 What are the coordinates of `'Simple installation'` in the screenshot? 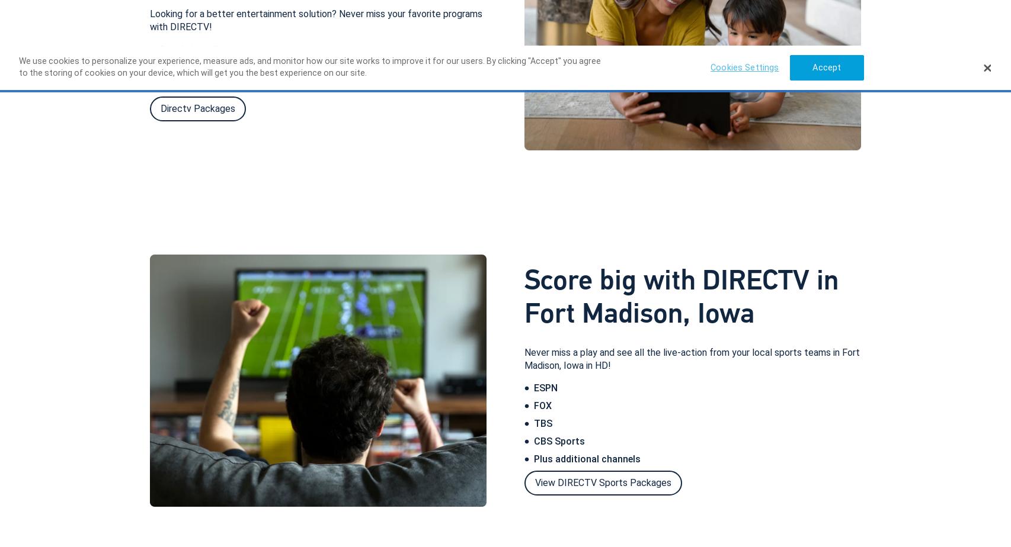 It's located at (159, 49).